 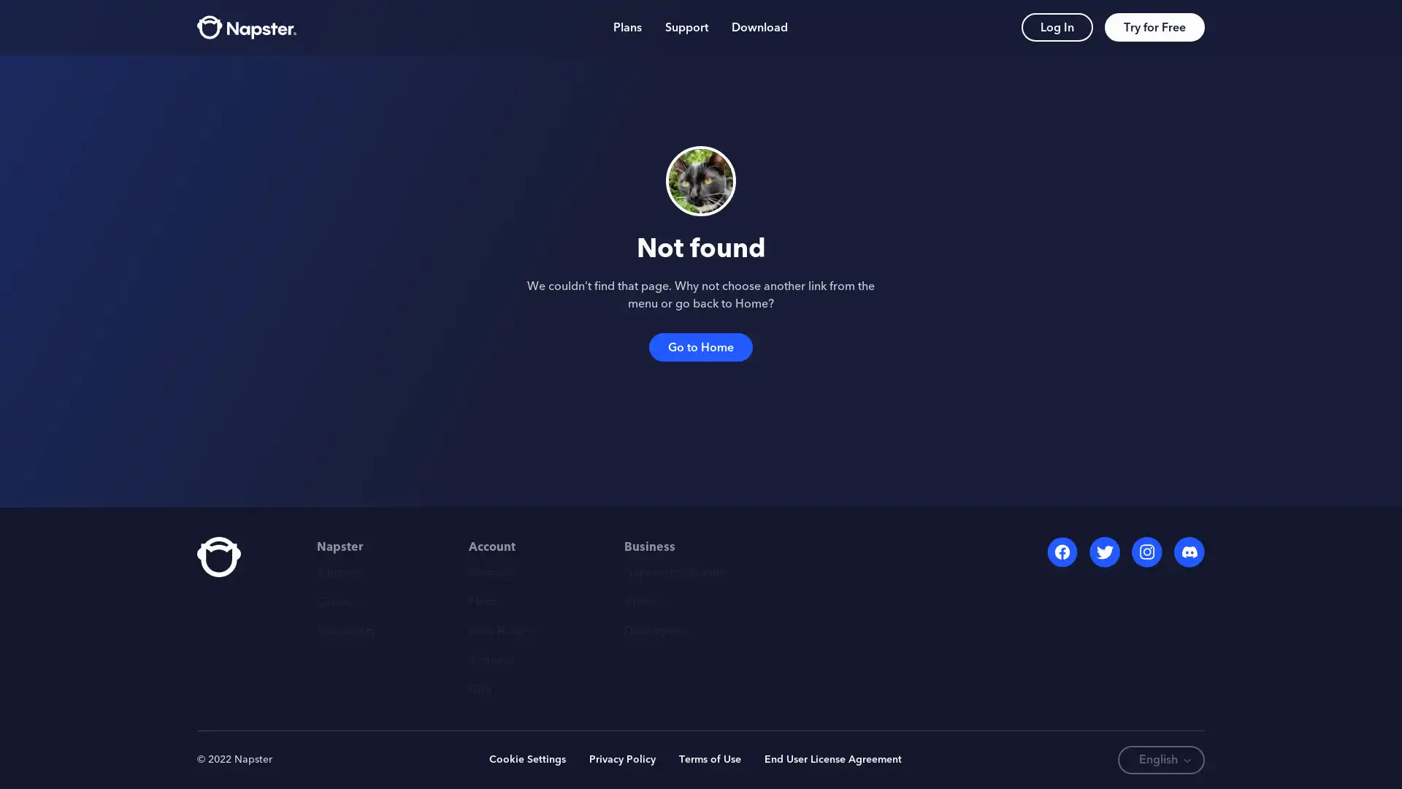 What do you see at coordinates (1127, 736) in the screenshot?
I see `Reject` at bounding box center [1127, 736].